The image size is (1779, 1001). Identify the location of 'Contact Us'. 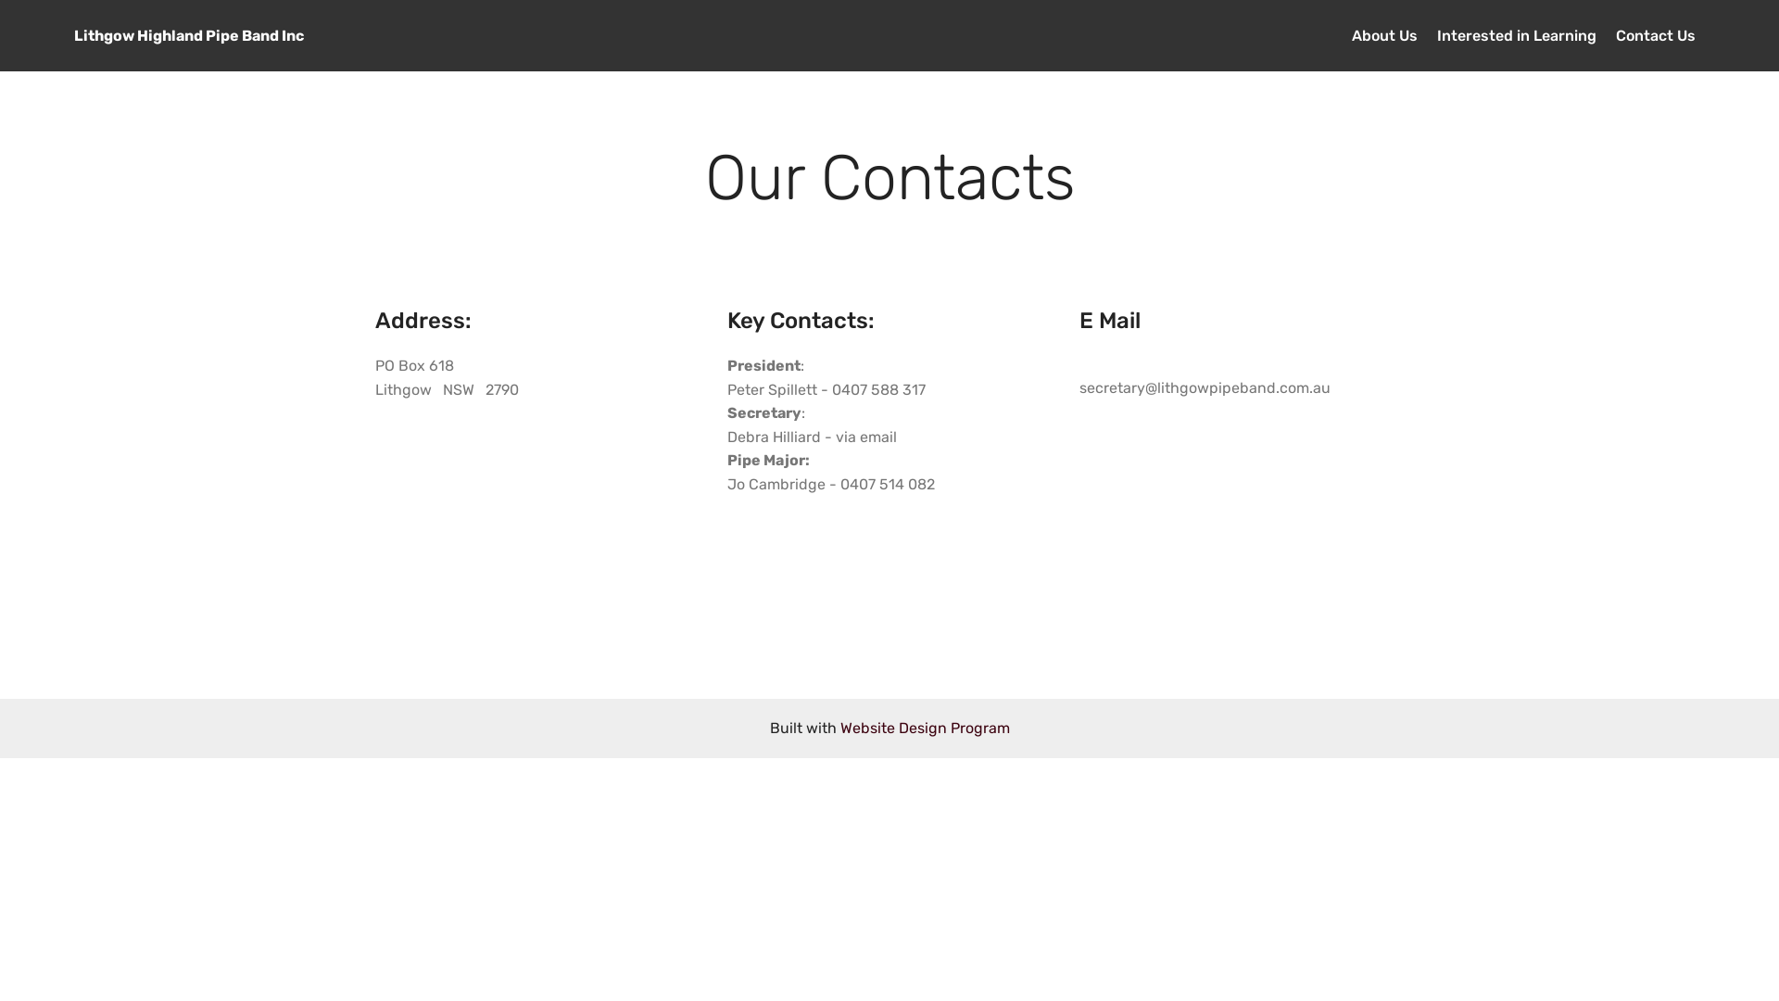
(1614, 35).